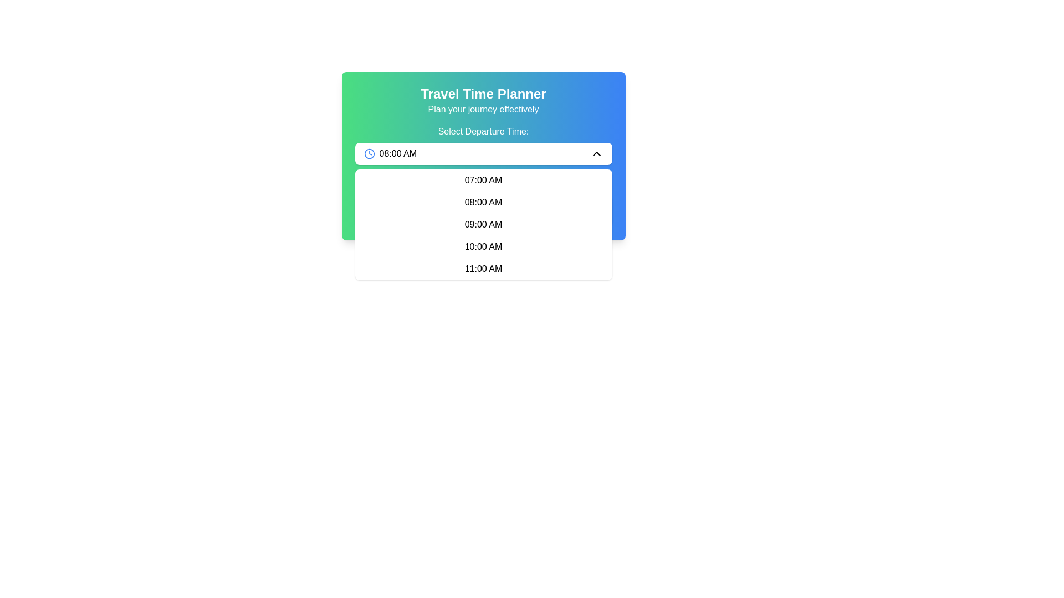 Image resolution: width=1064 pixels, height=598 pixels. I want to click on the dropdown element displaying the time '08:00 AM' with the blue clock icon, positioned in the left segment of the time selection dropdown, so click(390, 153).